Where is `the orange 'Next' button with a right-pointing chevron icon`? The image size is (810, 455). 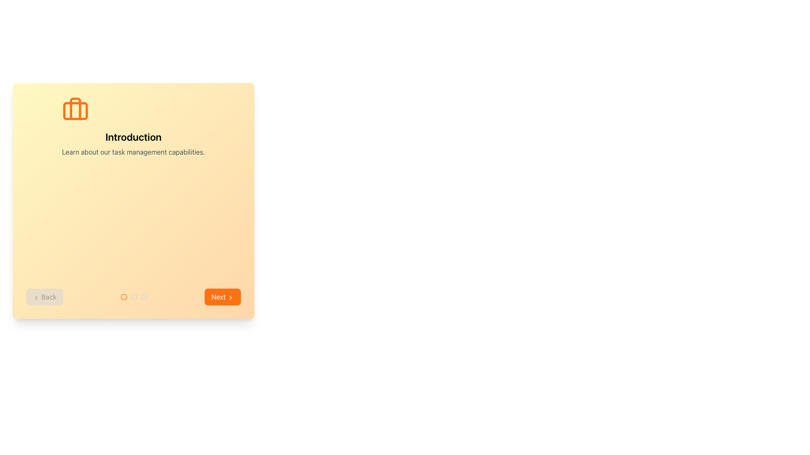 the orange 'Next' button with a right-pointing chevron icon is located at coordinates (223, 297).